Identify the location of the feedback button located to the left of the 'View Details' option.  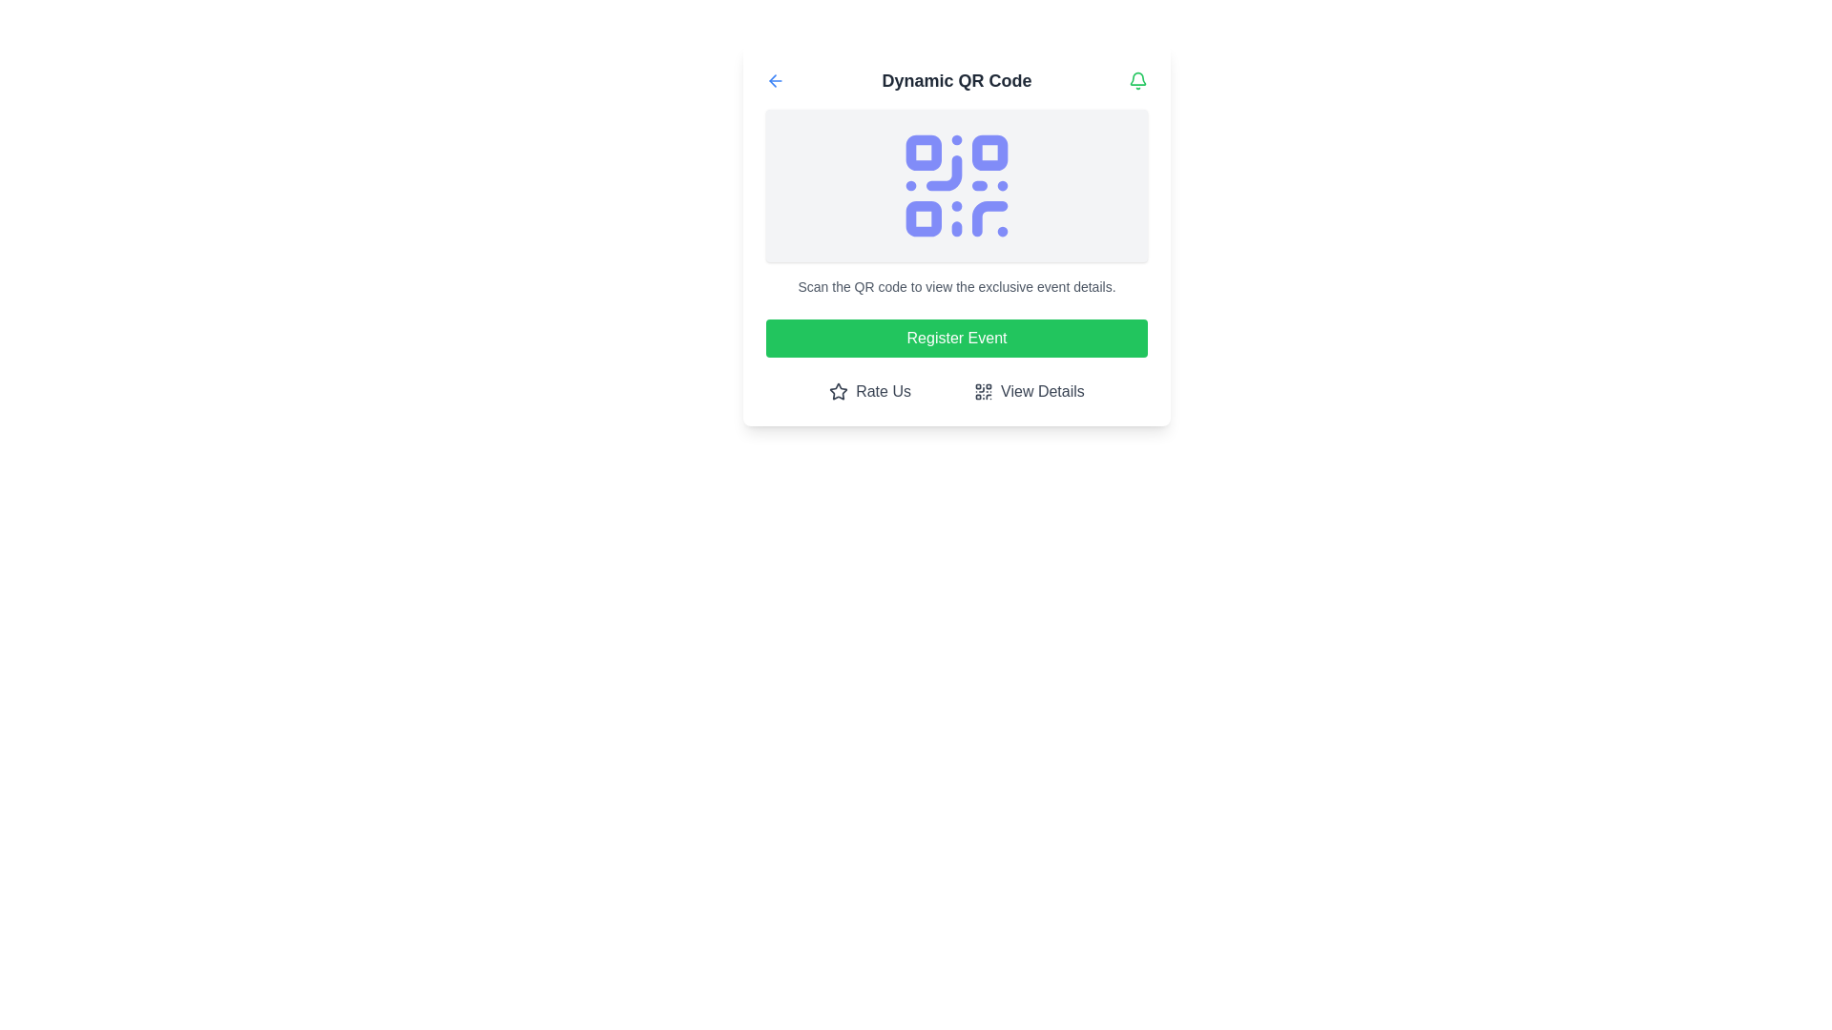
(869, 391).